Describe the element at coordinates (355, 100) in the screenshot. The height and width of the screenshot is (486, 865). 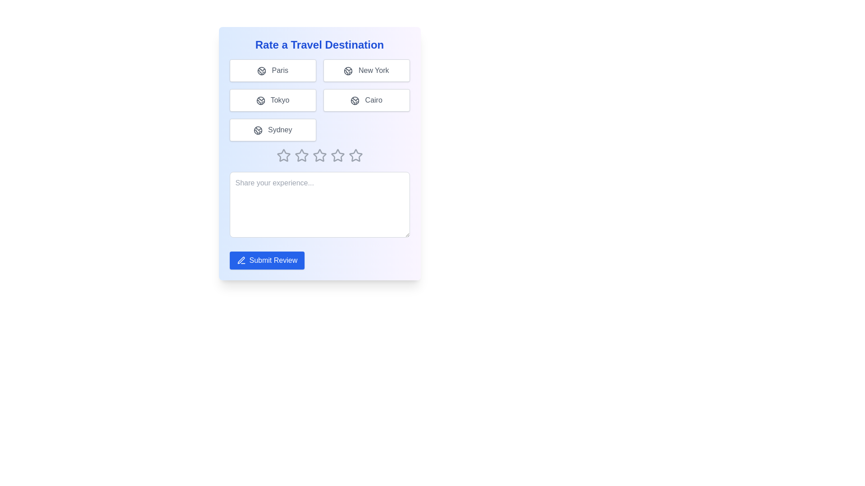
I see `the globe icon located to the left of the 'Cairo' text label inside the button for 'Cairo', positioned at the top-right corner of the grid of travel destinations` at that location.